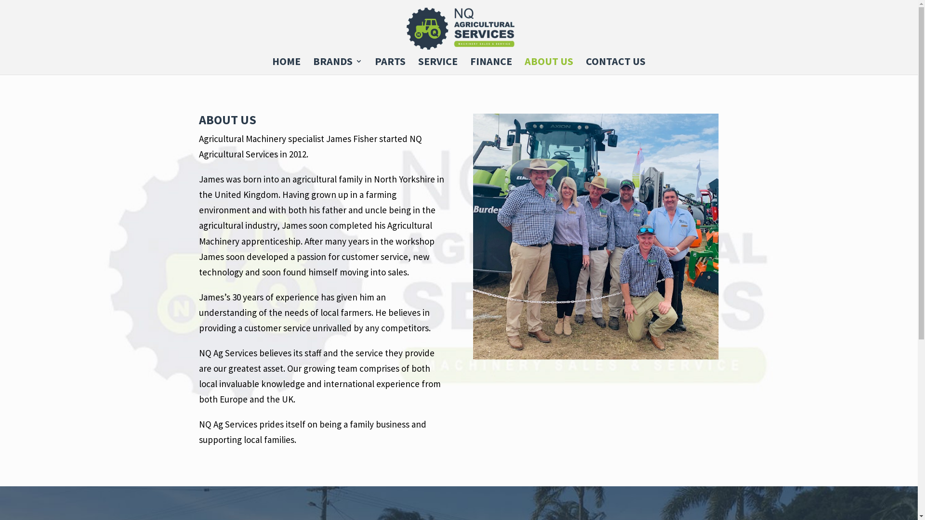 Image resolution: width=925 pixels, height=520 pixels. Describe the element at coordinates (286, 65) in the screenshot. I see `'HOME'` at that location.